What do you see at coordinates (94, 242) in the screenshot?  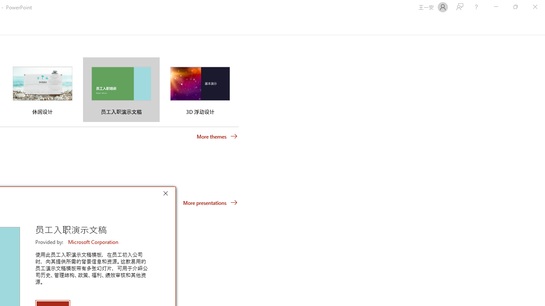 I see `'Microsoft Corporation'` at bounding box center [94, 242].